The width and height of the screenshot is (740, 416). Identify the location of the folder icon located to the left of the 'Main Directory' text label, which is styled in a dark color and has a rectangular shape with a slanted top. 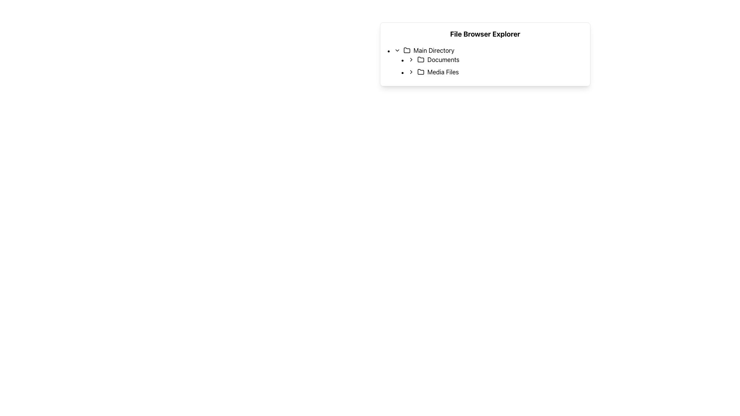
(407, 50).